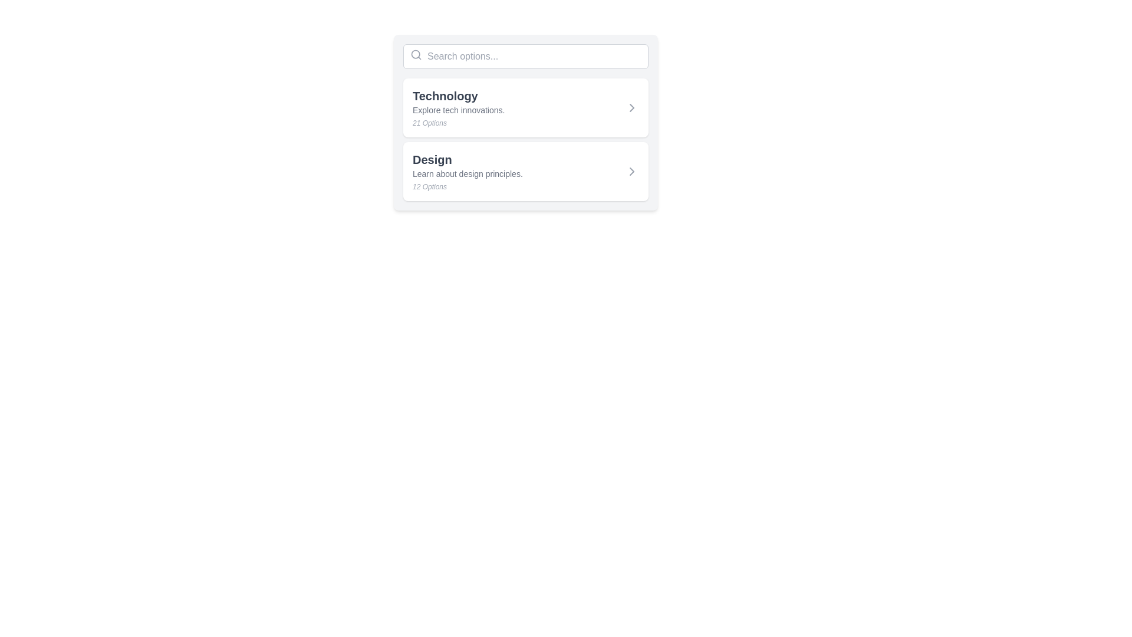 This screenshot has height=637, width=1132. What do you see at coordinates (458, 95) in the screenshot?
I see `the text element displaying 'Technology', which is styled in bold, larger font and medium gray color, positioned prominently at the top left of the interface` at bounding box center [458, 95].